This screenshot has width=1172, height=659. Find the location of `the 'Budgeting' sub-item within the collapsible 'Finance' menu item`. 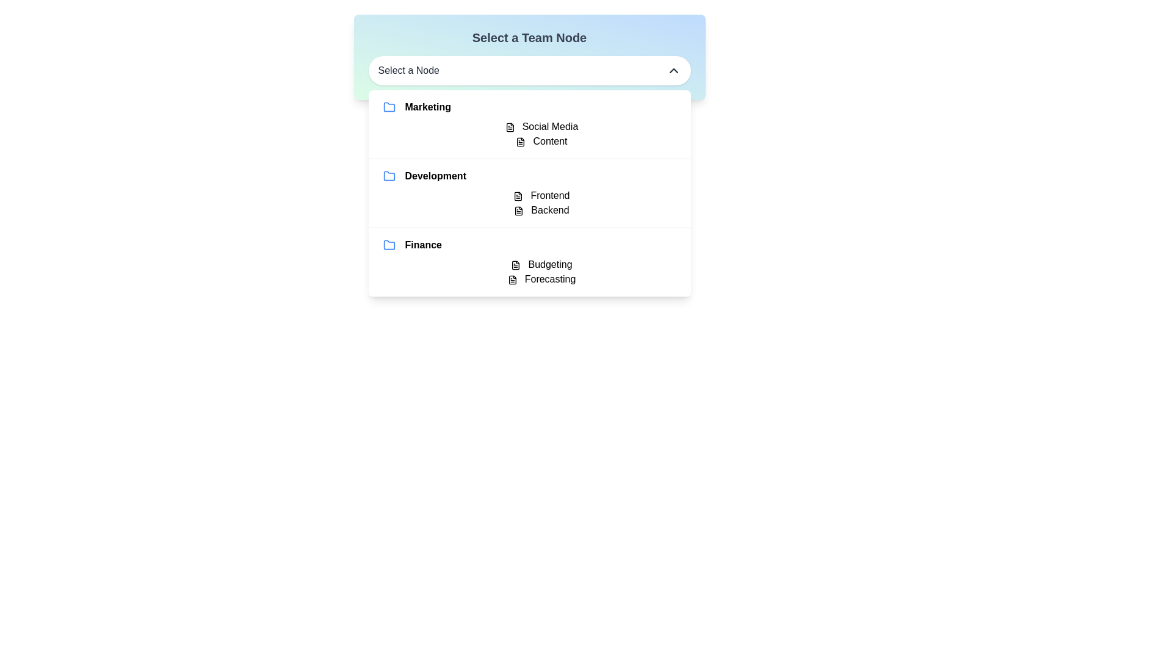

the 'Budgeting' sub-item within the collapsible 'Finance' menu item is located at coordinates (529, 262).